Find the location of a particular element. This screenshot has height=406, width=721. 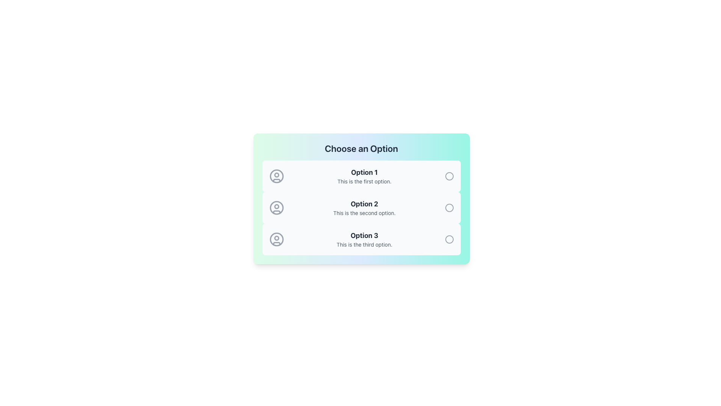

the text label displaying 'Option 3', which is a bold gray font and part of a vertical list of options is located at coordinates (364, 235).